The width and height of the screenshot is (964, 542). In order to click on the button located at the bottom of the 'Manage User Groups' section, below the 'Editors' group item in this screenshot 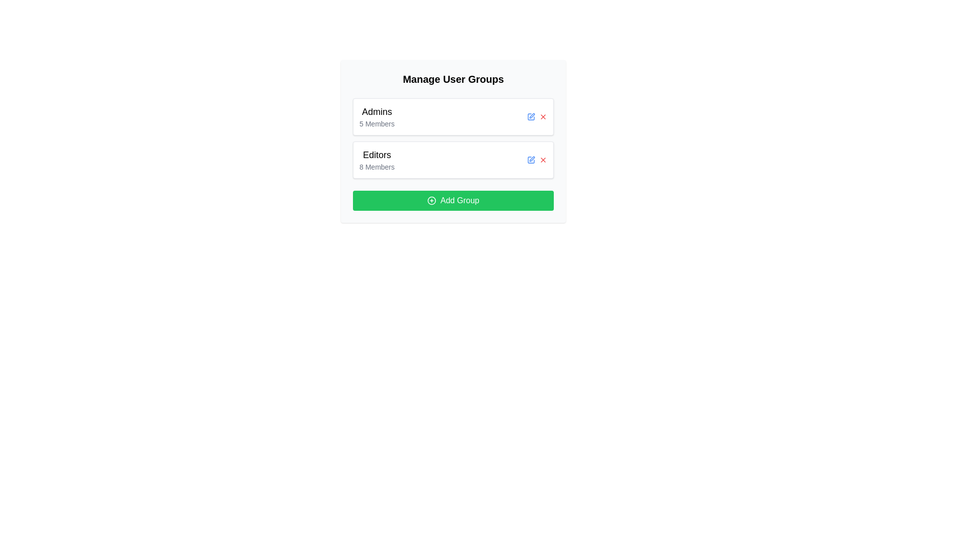, I will do `click(452, 201)`.